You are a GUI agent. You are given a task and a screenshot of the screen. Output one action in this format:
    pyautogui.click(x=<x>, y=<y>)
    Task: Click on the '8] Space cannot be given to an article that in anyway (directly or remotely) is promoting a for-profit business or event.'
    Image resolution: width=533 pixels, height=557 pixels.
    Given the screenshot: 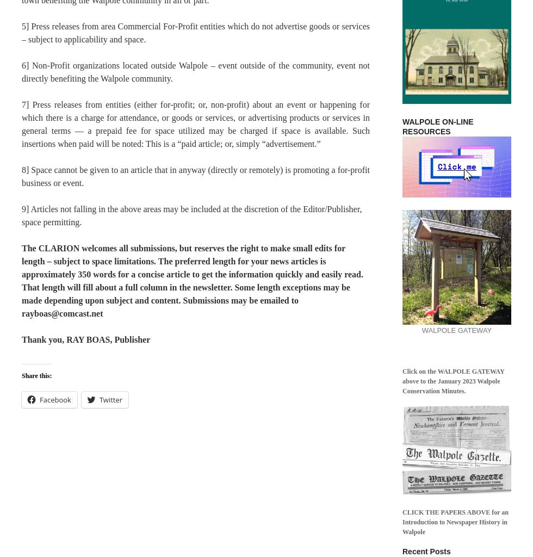 What is the action you would take?
    pyautogui.click(x=195, y=176)
    